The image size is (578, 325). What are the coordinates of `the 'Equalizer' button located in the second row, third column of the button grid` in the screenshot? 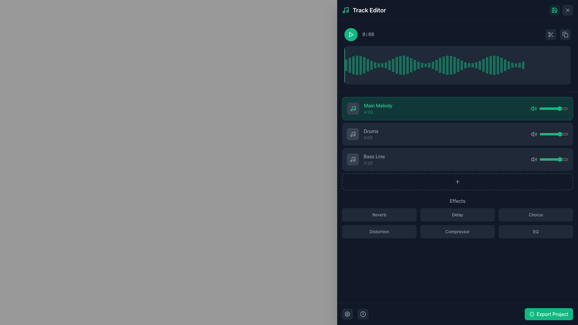 It's located at (536, 231).